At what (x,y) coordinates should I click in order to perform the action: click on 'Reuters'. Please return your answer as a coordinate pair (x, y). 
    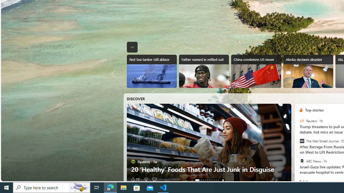
    Looking at the image, I should click on (302, 121).